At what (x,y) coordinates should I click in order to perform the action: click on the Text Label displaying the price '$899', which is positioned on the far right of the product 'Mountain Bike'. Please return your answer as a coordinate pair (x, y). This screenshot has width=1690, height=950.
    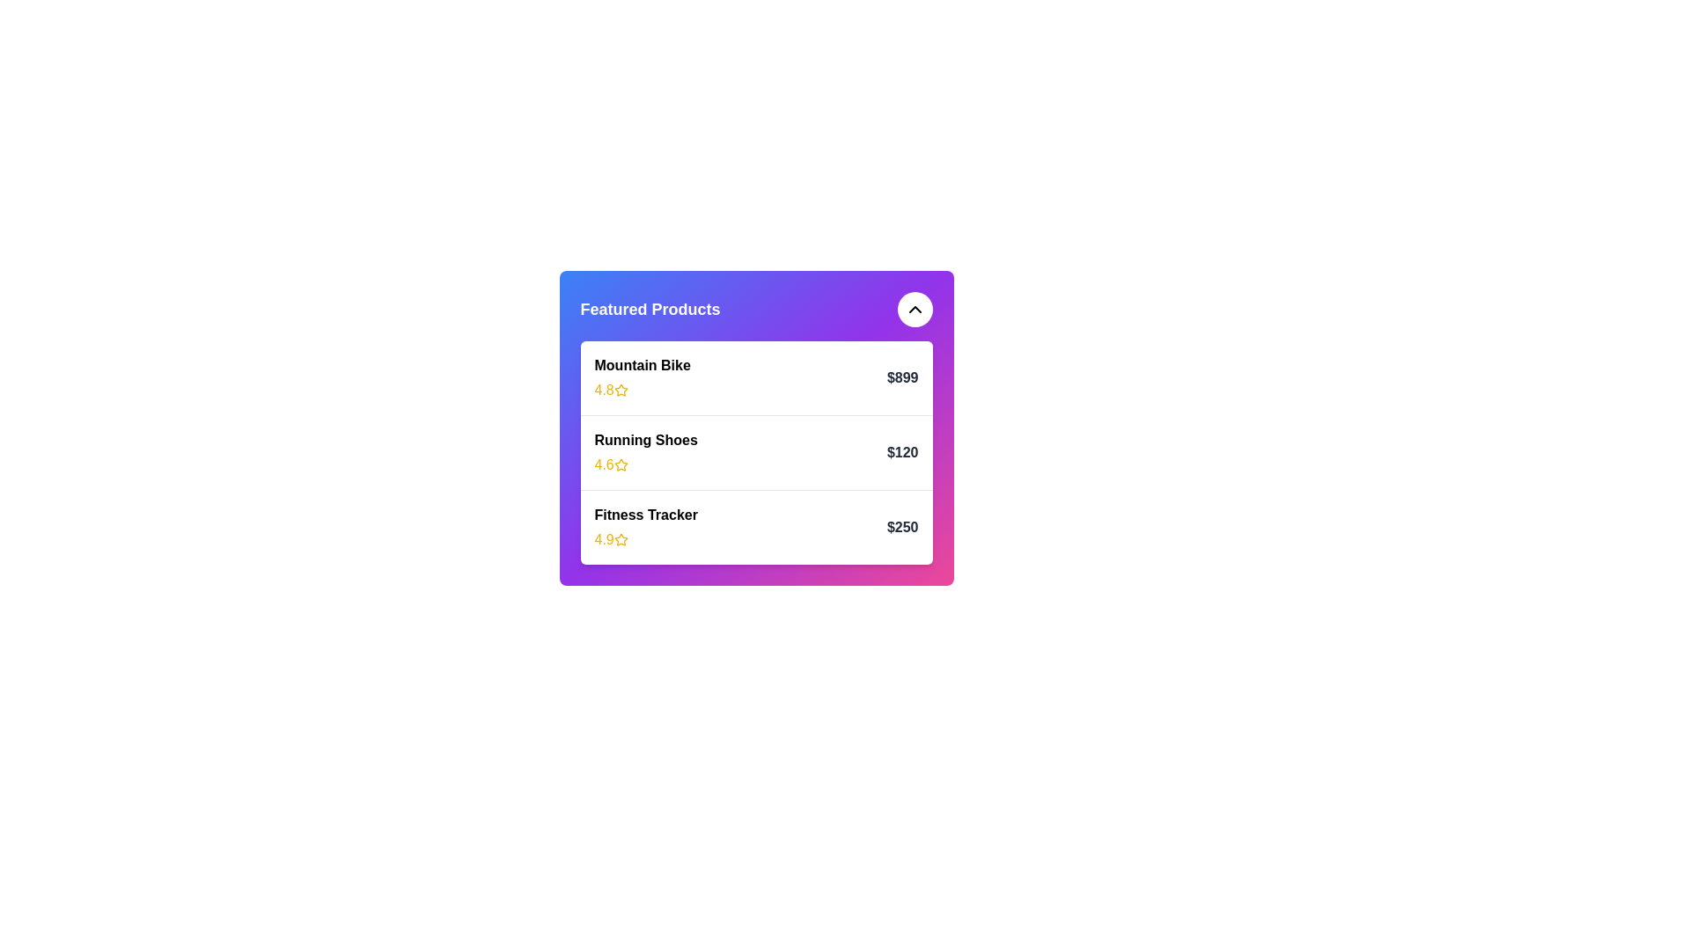
    Looking at the image, I should click on (902, 376).